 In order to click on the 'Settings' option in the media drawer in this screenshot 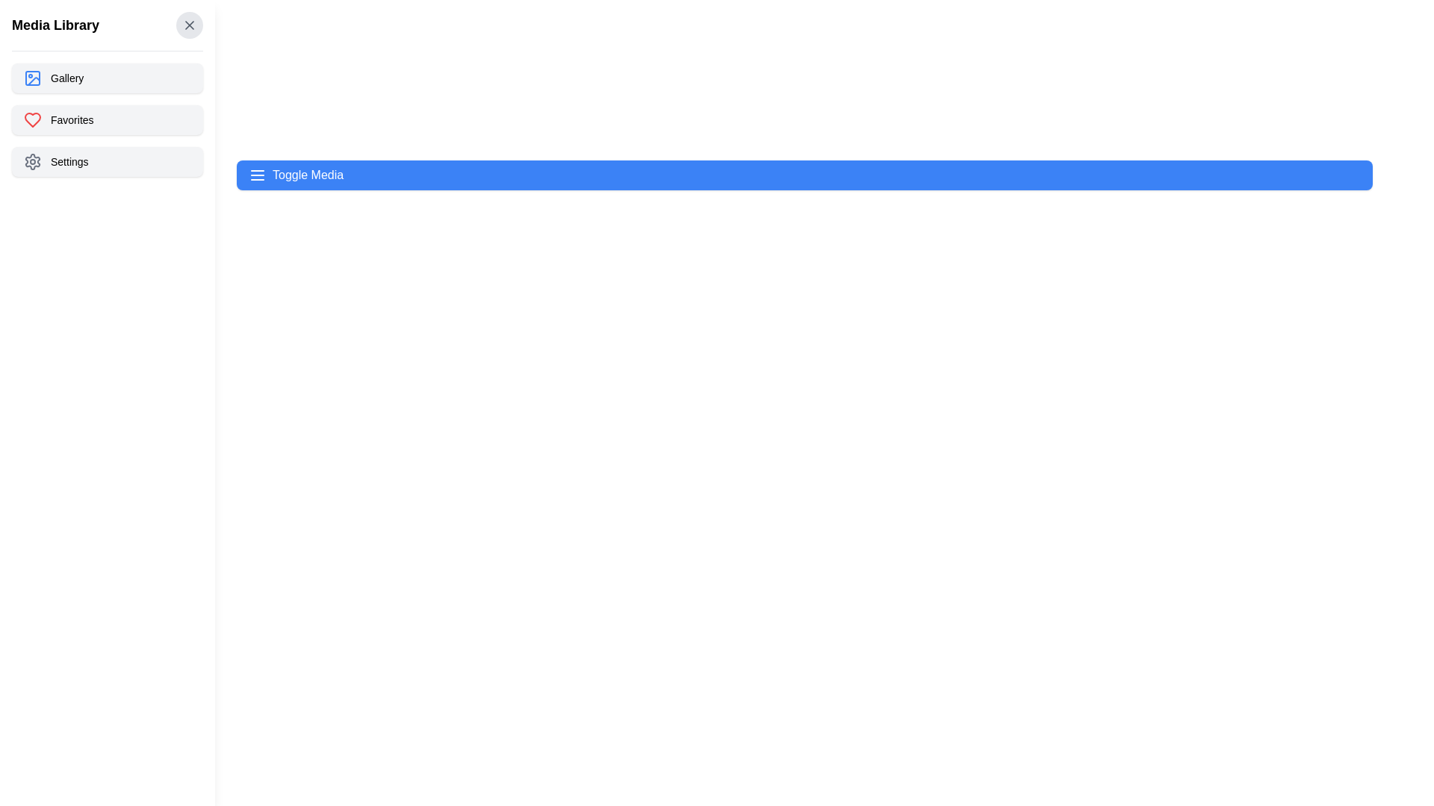, I will do `click(107, 161)`.